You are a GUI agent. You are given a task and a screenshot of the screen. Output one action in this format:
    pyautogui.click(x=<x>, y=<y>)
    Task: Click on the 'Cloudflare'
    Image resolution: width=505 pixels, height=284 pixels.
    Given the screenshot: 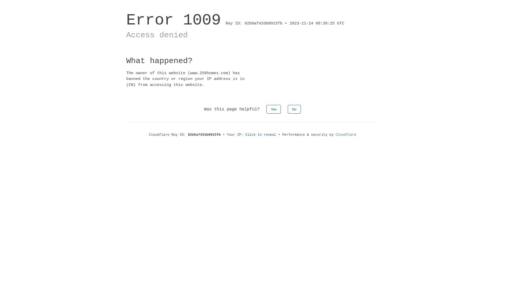 What is the action you would take?
    pyautogui.click(x=335, y=134)
    